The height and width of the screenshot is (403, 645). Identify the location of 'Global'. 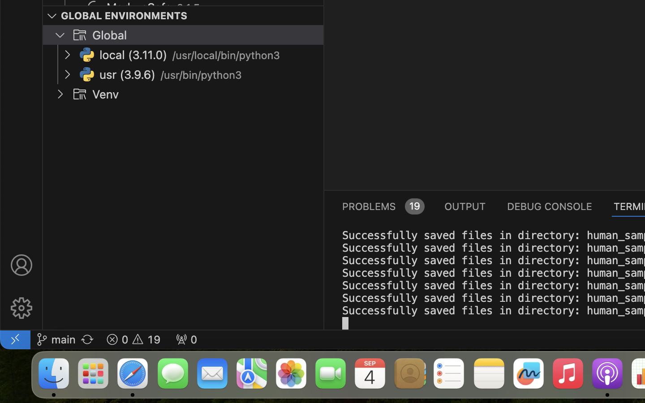
(109, 35).